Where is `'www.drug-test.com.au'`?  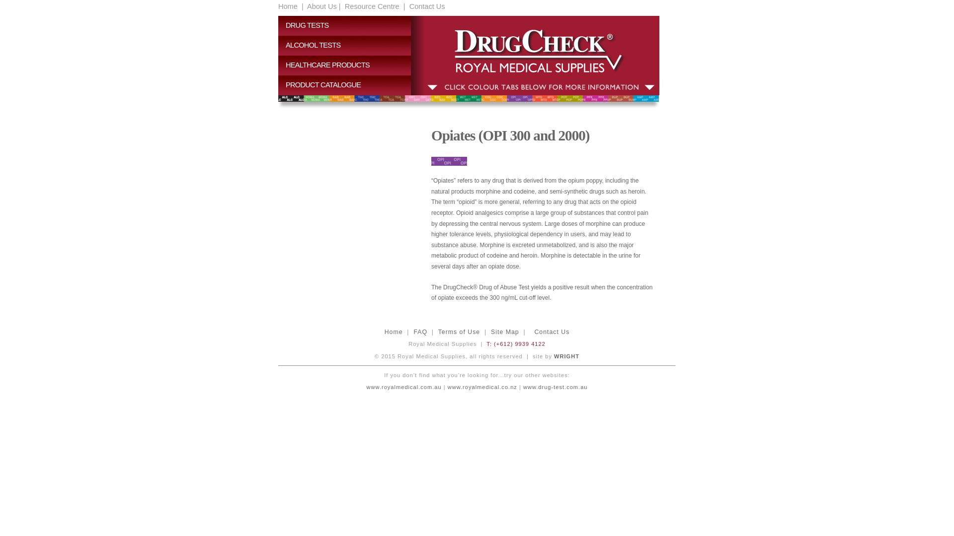
'www.drug-test.com.au' is located at coordinates (554, 386).